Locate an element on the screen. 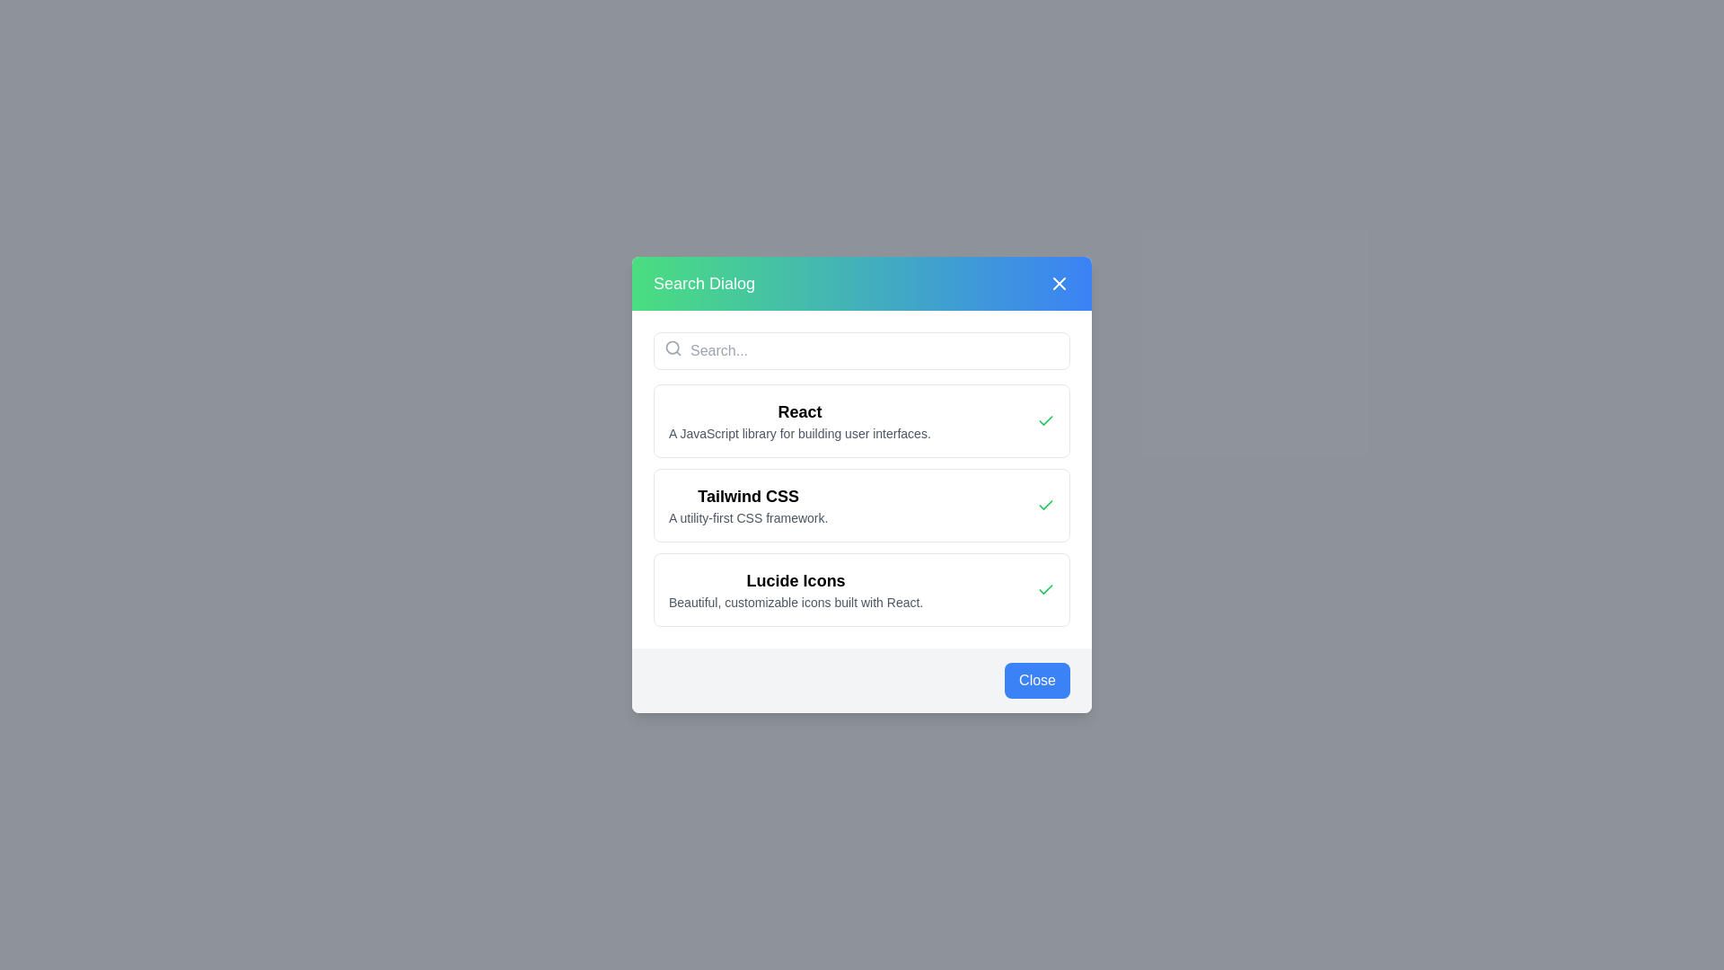  the checkbox located to the far-right side of the second row, next to the label 'Tailwind CSS: A utility-first CSS framework,' is located at coordinates (1046, 506).